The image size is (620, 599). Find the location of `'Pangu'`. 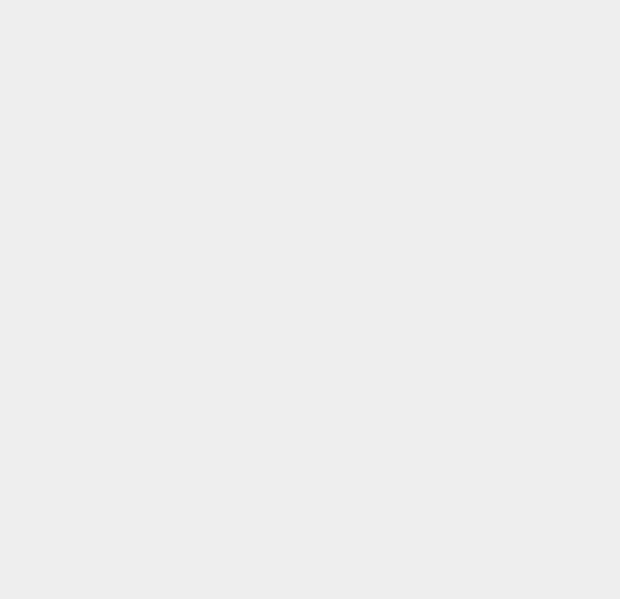

'Pangu' is located at coordinates (450, 443).